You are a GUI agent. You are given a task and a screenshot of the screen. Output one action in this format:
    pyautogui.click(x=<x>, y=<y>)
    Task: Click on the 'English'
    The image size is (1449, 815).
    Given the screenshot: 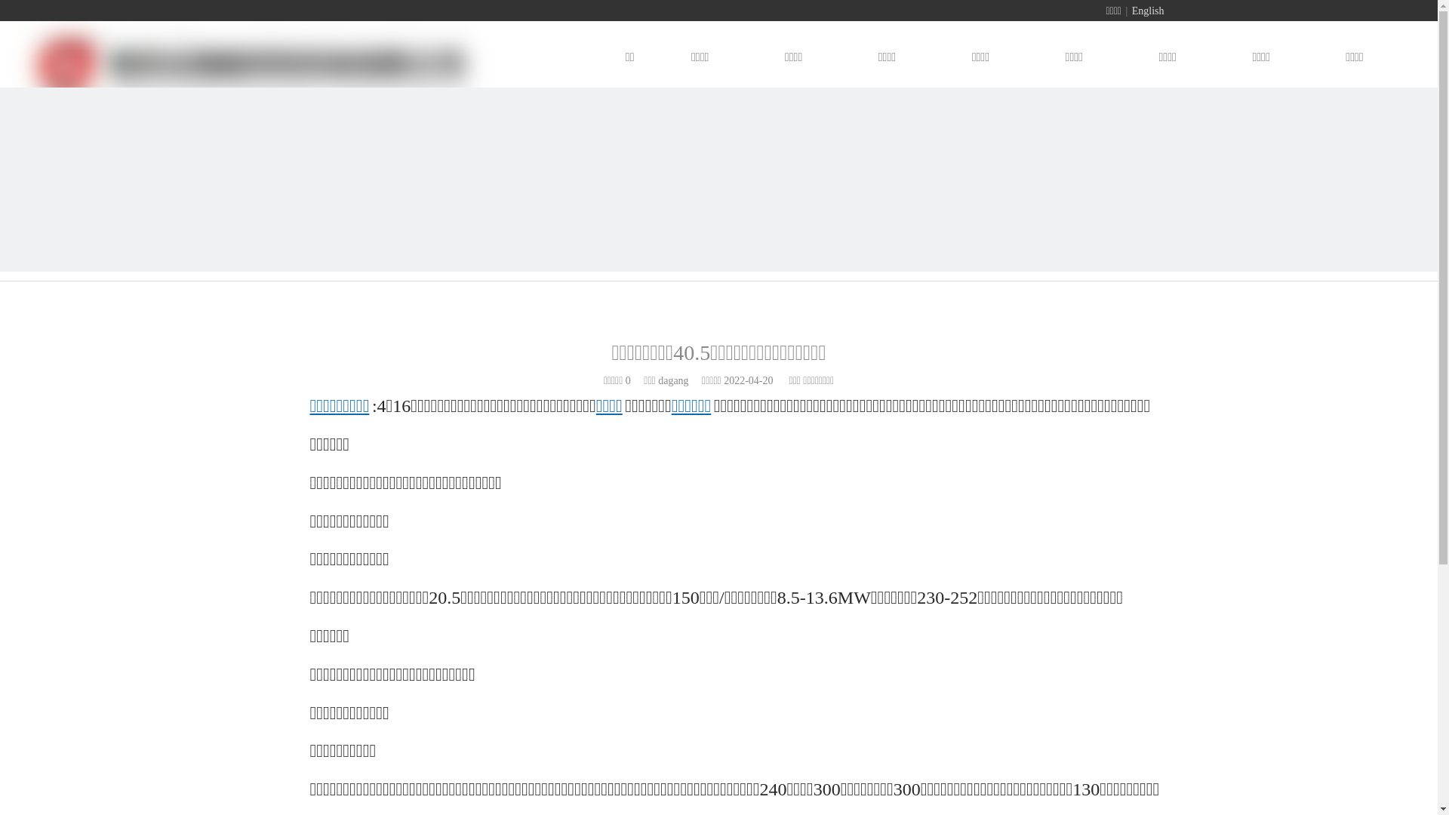 What is the action you would take?
    pyautogui.click(x=1131, y=11)
    